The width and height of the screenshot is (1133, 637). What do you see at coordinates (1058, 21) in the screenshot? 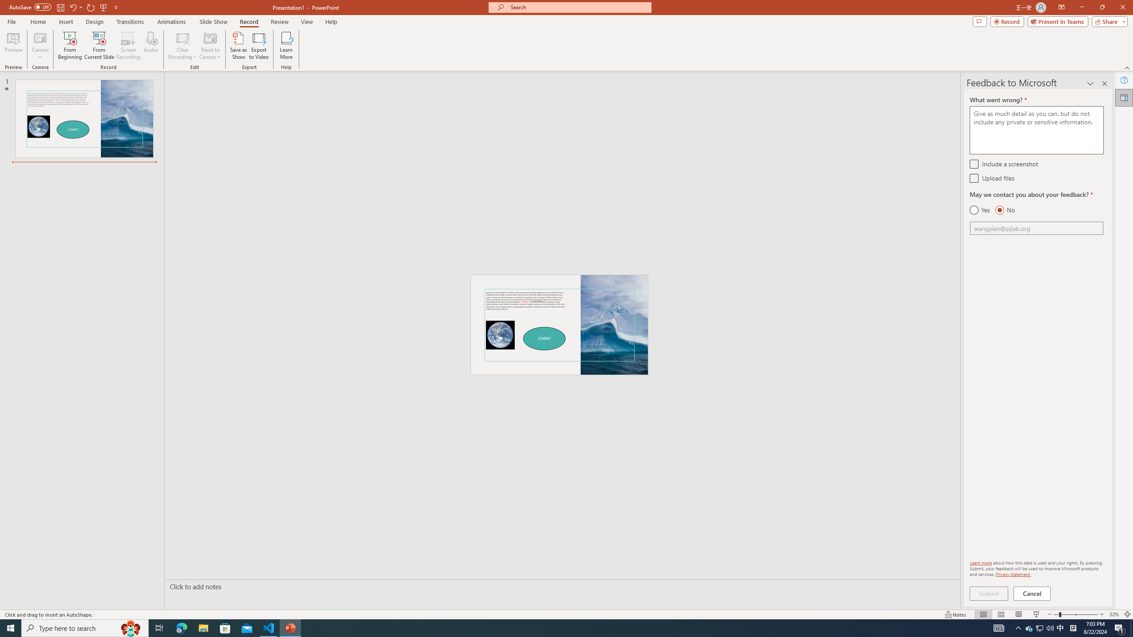
I see `'Present in Teams'` at bounding box center [1058, 21].